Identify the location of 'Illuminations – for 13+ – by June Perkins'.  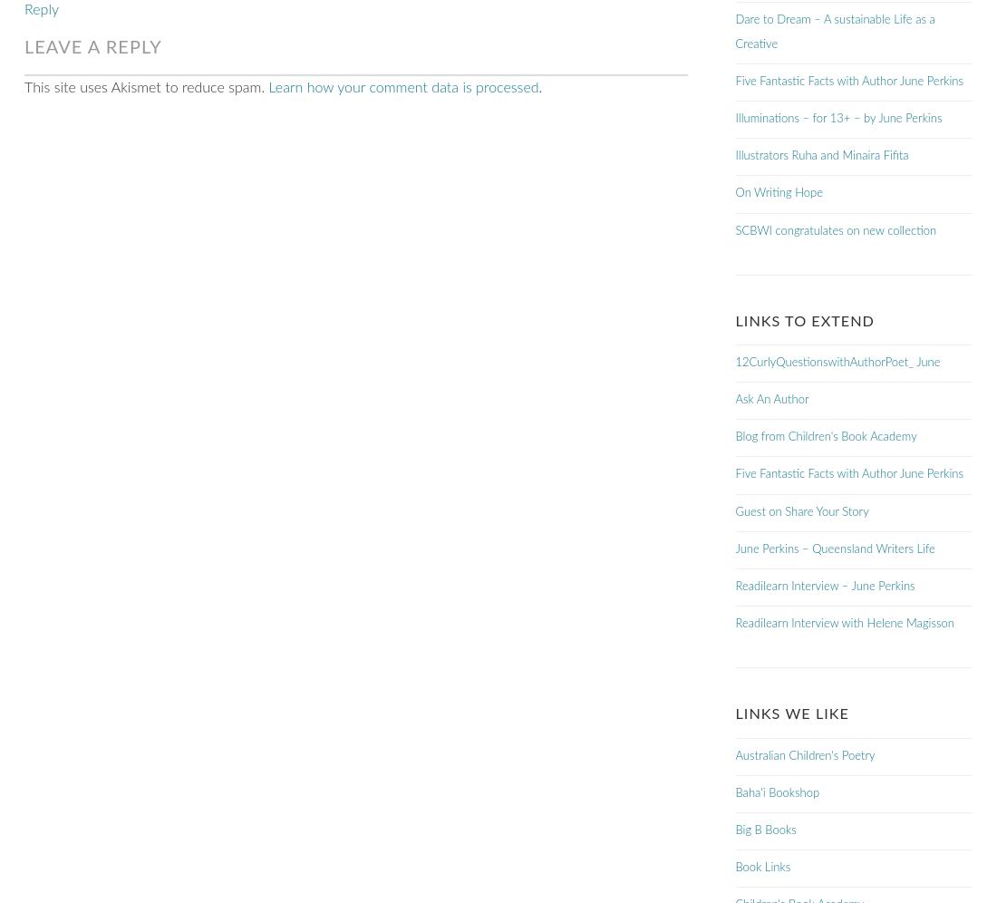
(735, 118).